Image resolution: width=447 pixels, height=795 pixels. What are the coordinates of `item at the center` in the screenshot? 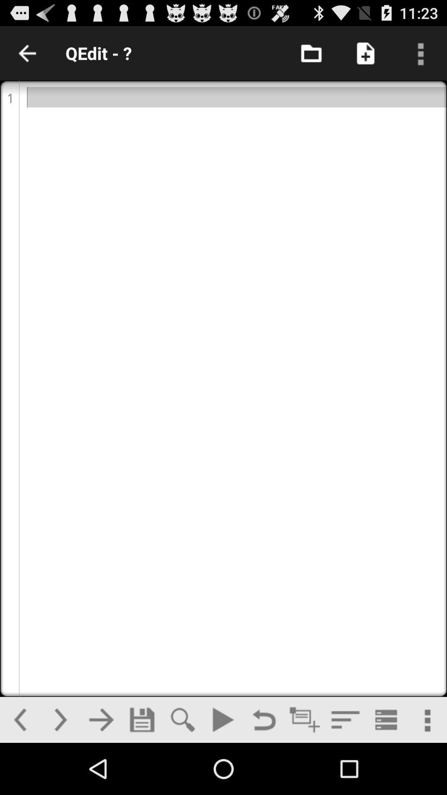 It's located at (223, 388).